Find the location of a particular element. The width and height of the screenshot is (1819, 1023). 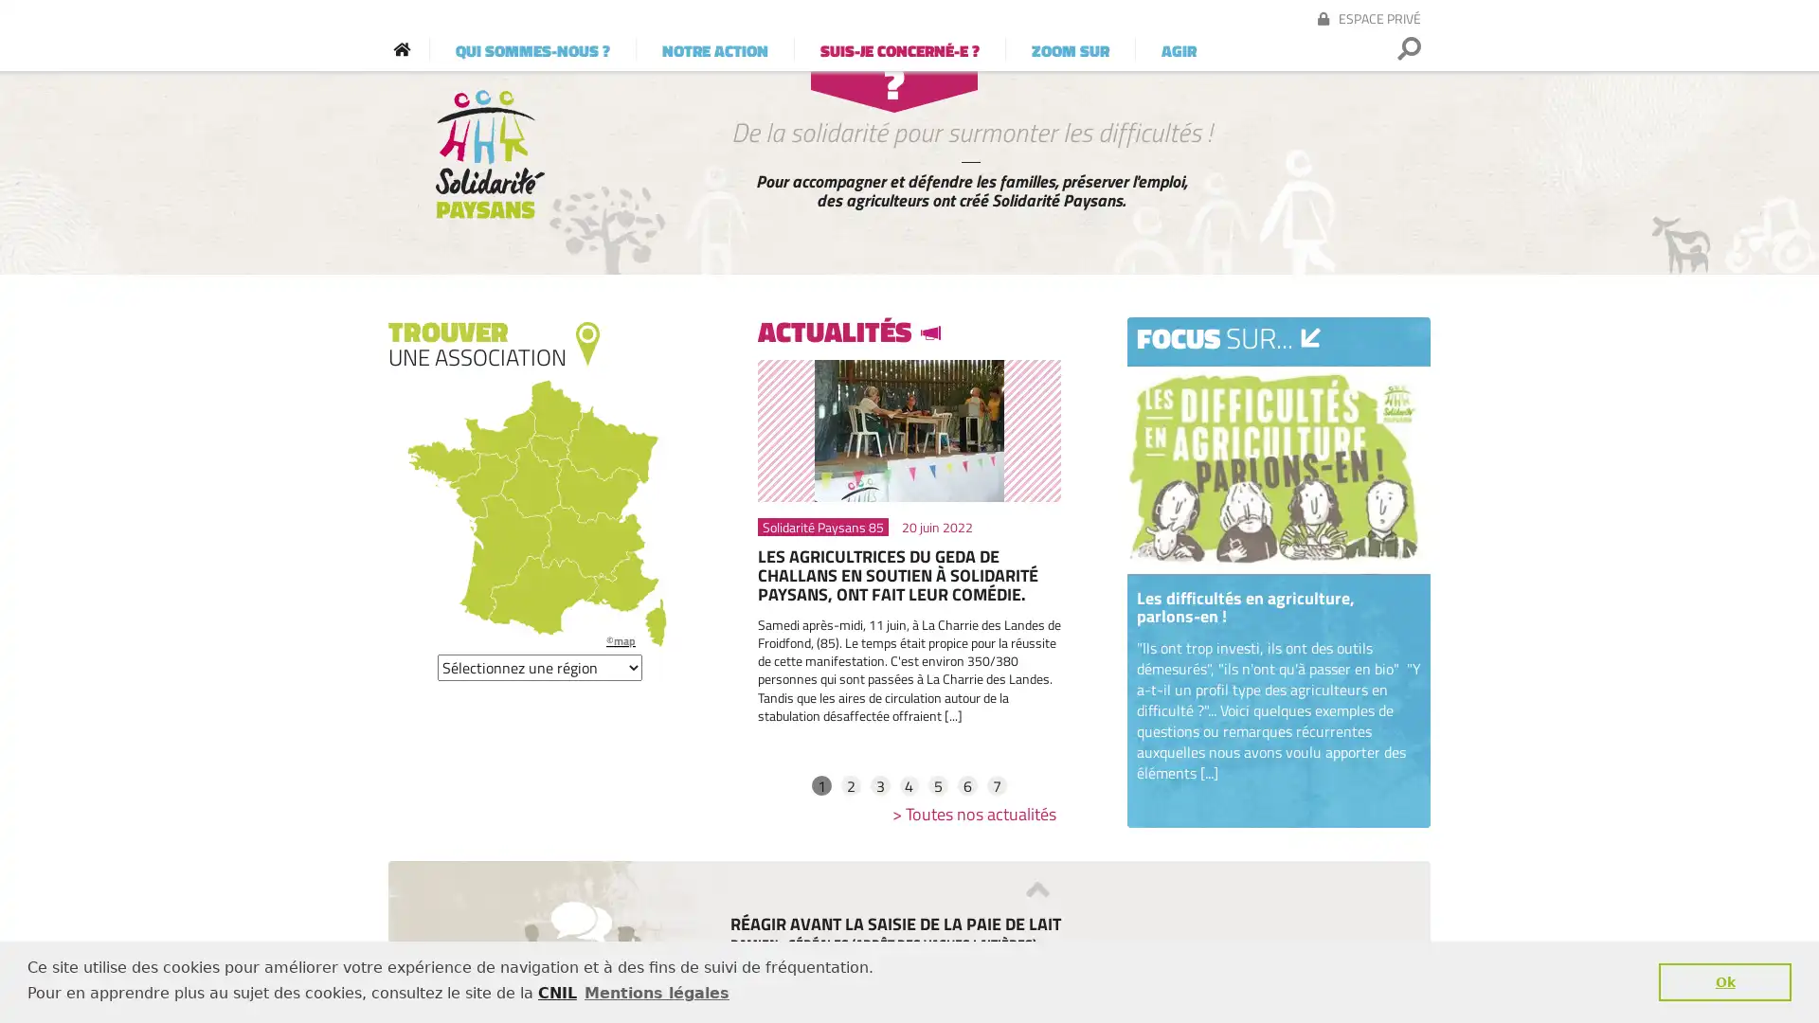

OK is located at coordinates (1076, 26).